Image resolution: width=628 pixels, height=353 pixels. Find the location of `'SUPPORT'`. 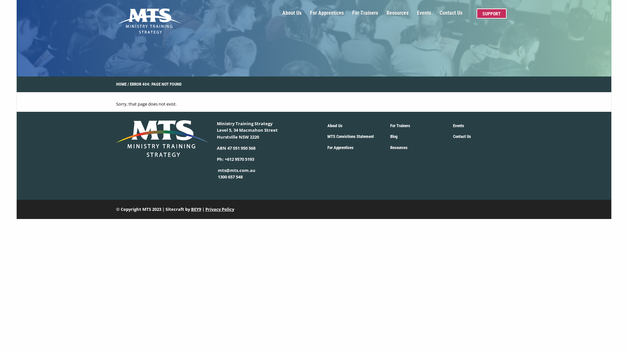

'SUPPORT' is located at coordinates (492, 13).